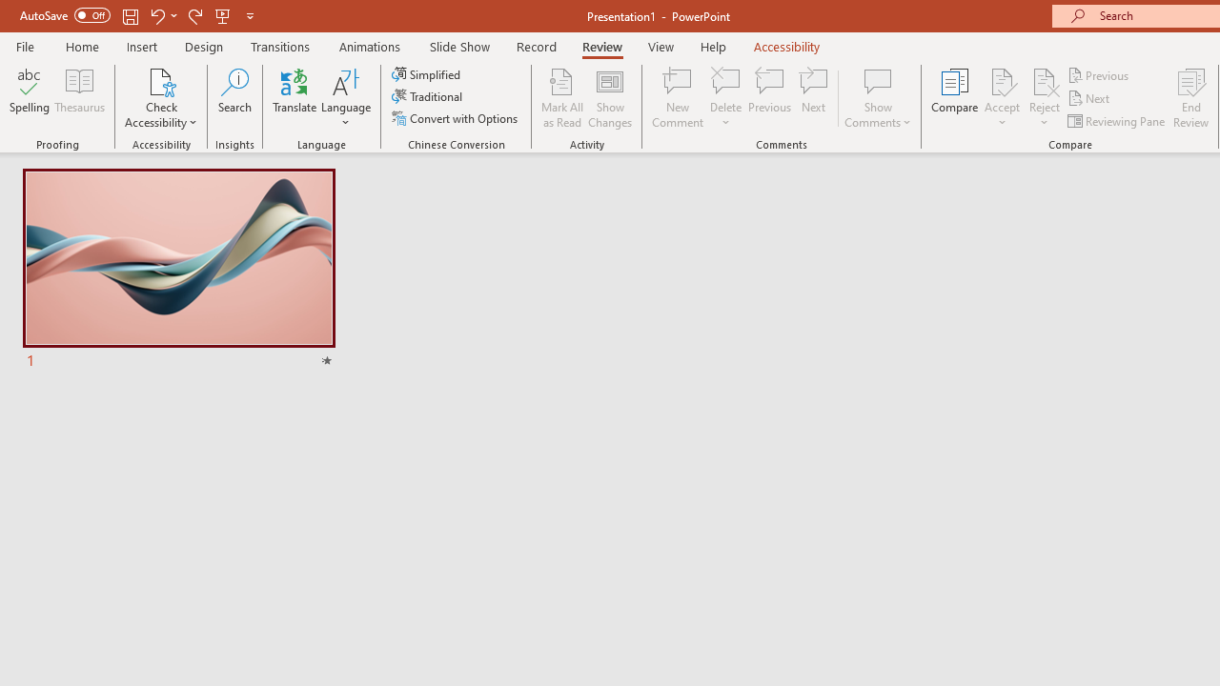 The image size is (1220, 686). I want to click on 'Reject', so click(1044, 98).